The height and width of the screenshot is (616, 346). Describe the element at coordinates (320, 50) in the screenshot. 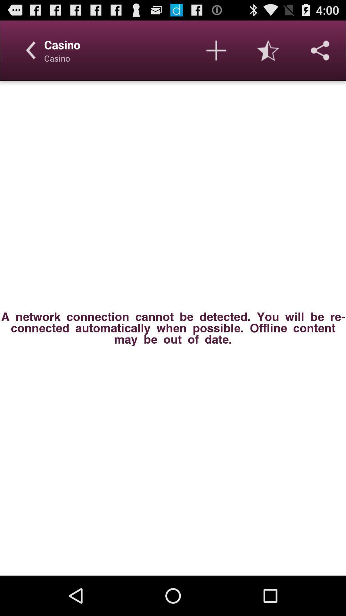

I see `share` at that location.